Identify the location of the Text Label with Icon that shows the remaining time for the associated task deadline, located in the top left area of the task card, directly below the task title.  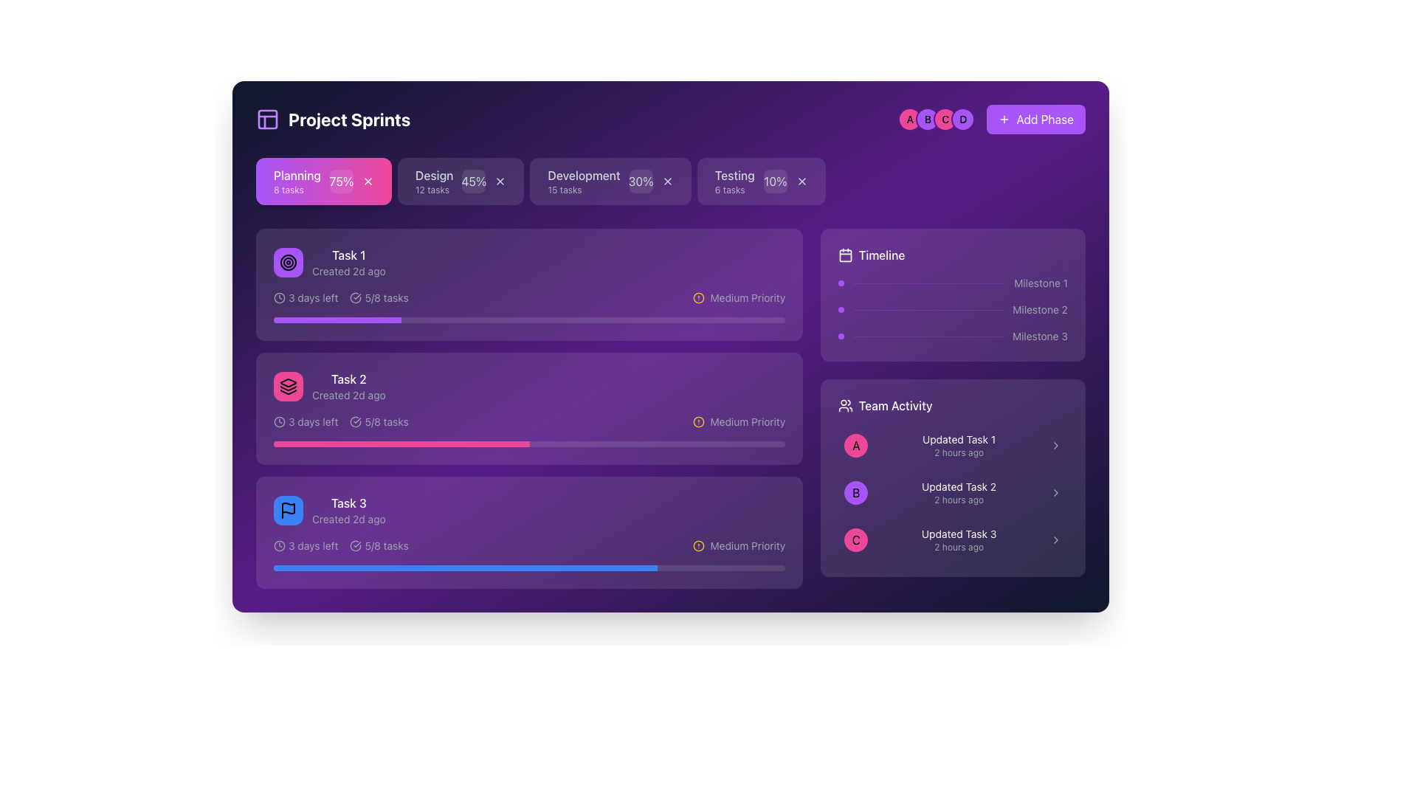
(305, 298).